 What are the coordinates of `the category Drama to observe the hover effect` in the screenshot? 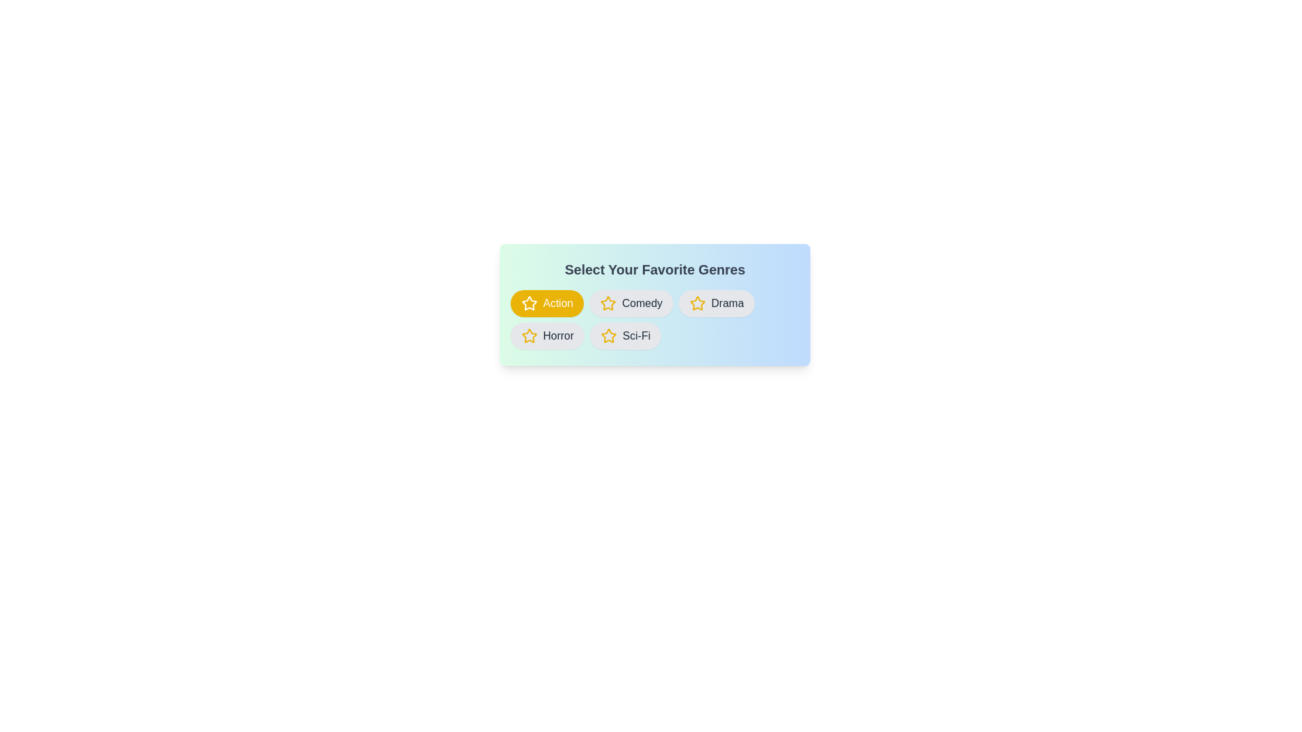 It's located at (715, 302).